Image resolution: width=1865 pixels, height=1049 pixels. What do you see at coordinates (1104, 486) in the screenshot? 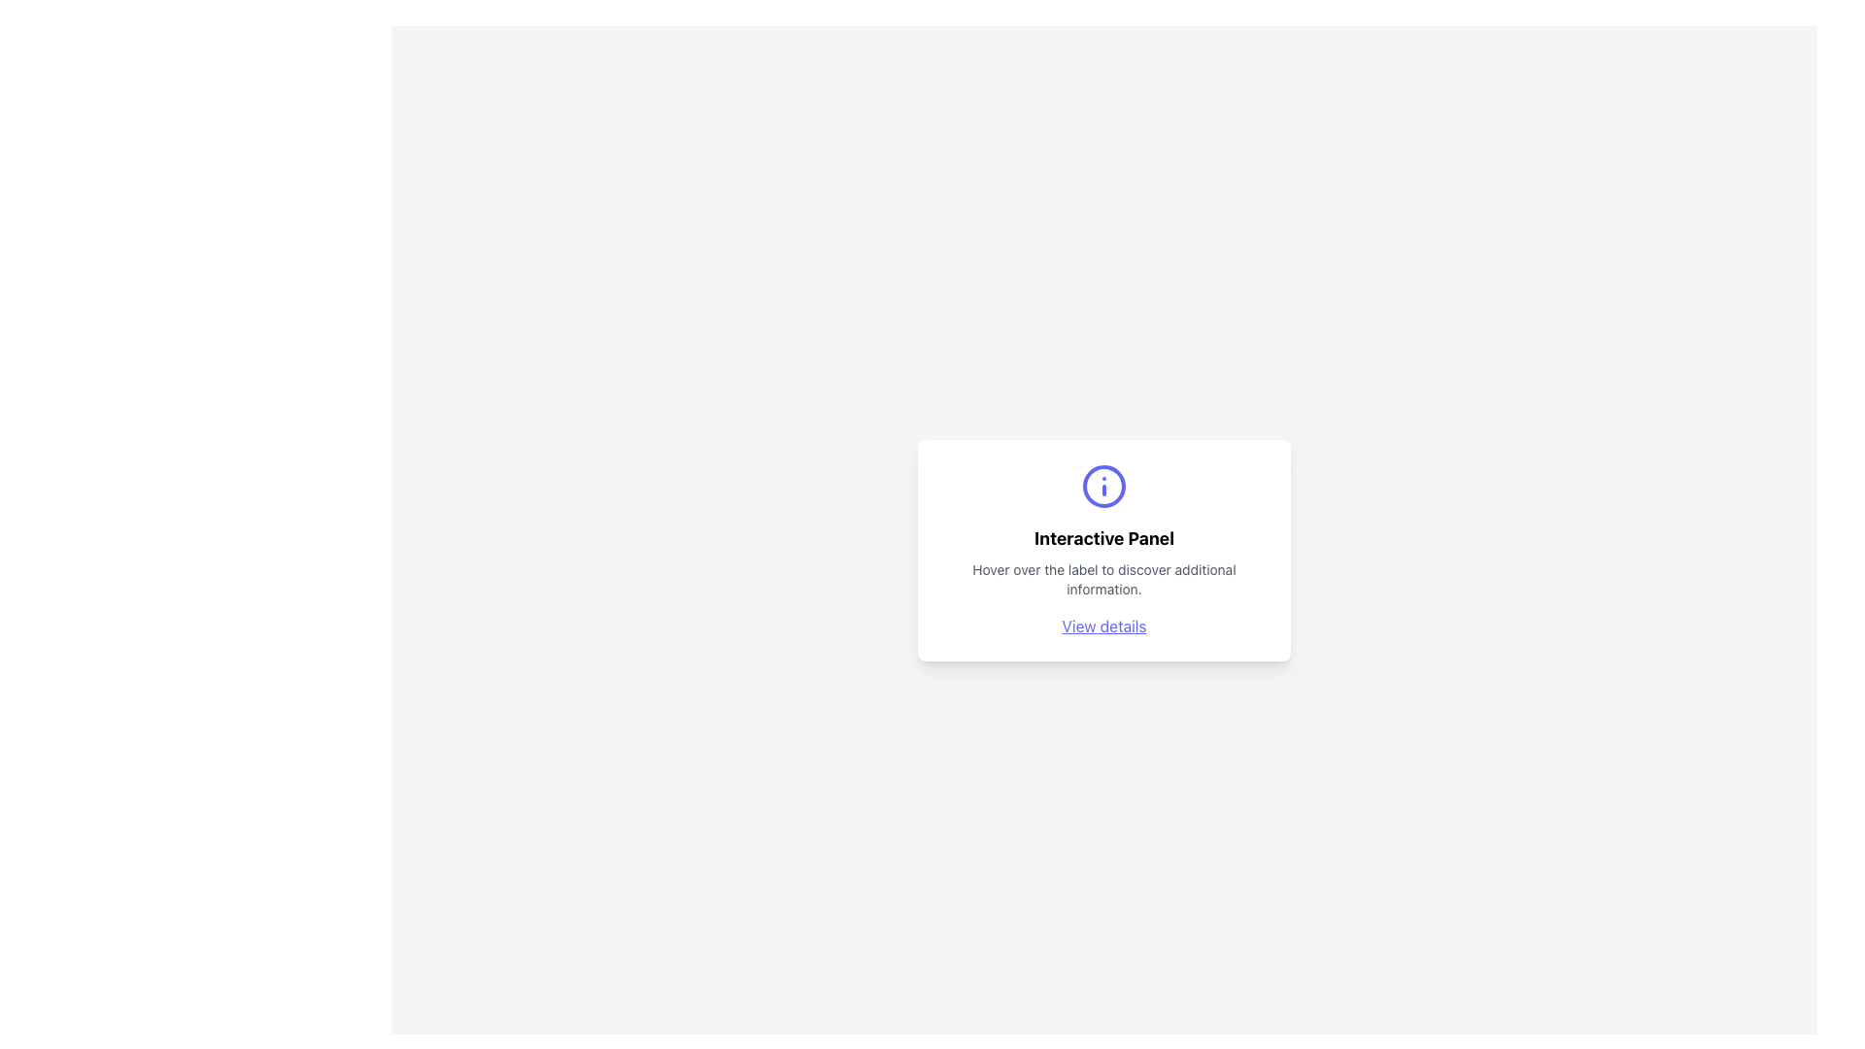
I see `the graphical circle that visually indicates the purpose of the associated panel within the information icon` at bounding box center [1104, 486].